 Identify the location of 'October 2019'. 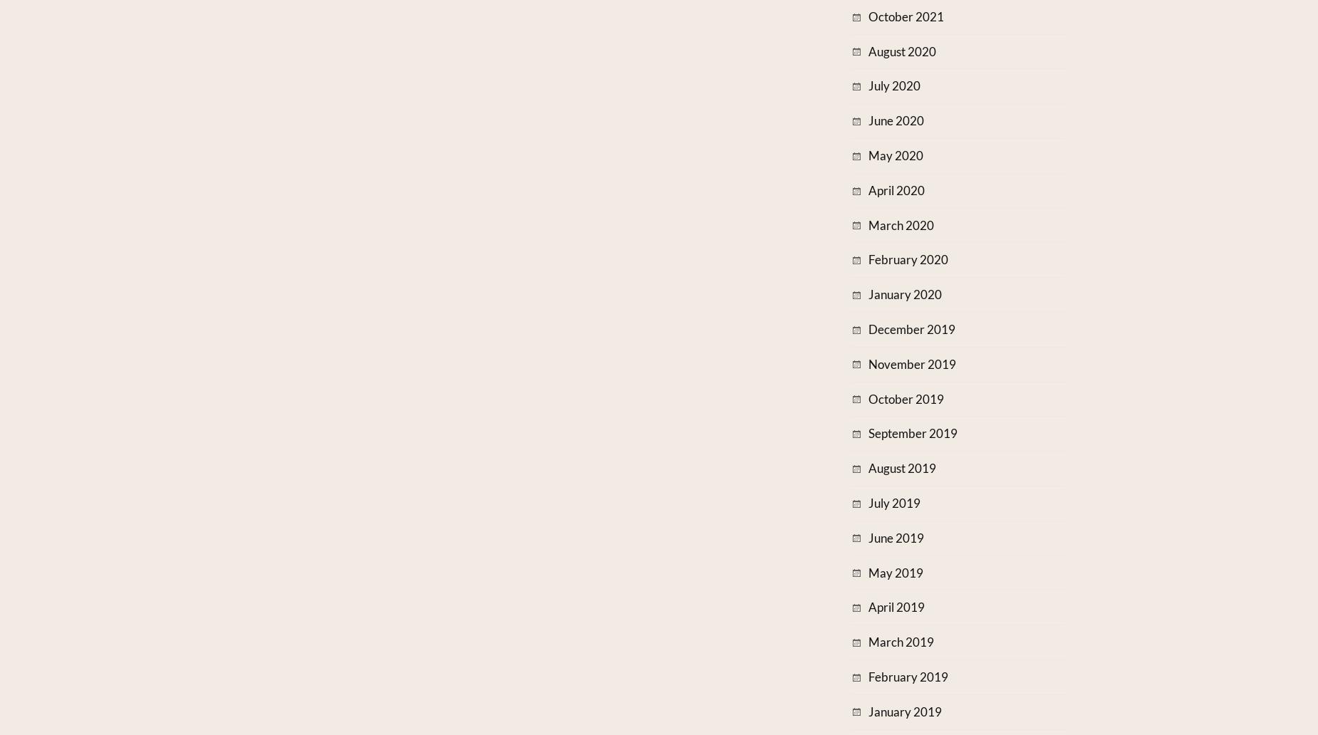
(867, 398).